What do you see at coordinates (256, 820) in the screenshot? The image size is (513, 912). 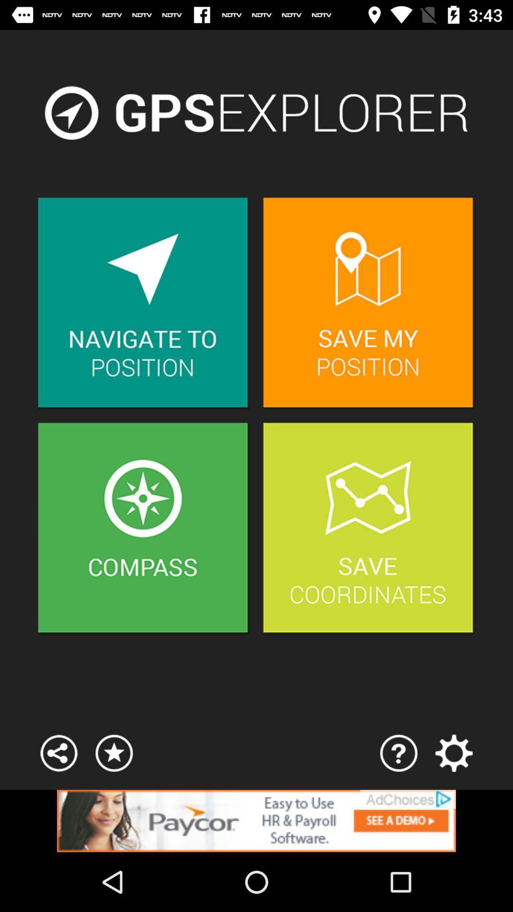 I see `click the advertisement` at bounding box center [256, 820].